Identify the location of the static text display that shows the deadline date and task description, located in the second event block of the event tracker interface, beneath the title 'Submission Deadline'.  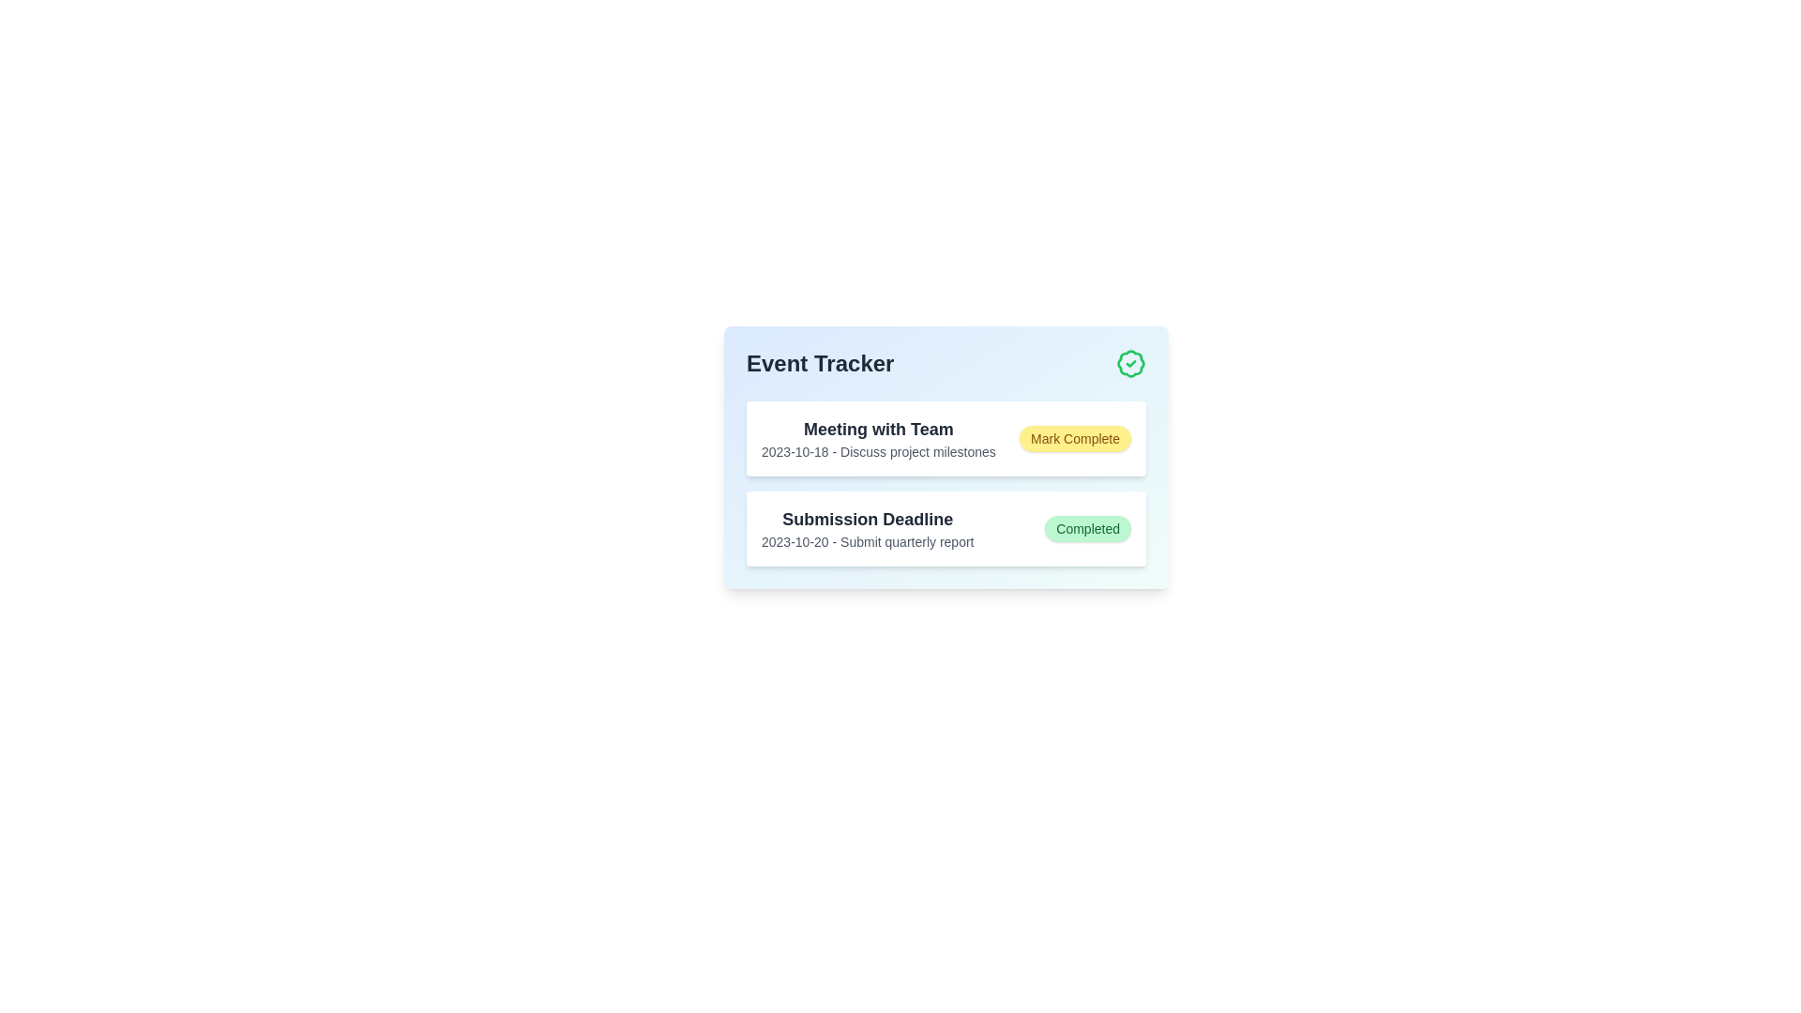
(867, 542).